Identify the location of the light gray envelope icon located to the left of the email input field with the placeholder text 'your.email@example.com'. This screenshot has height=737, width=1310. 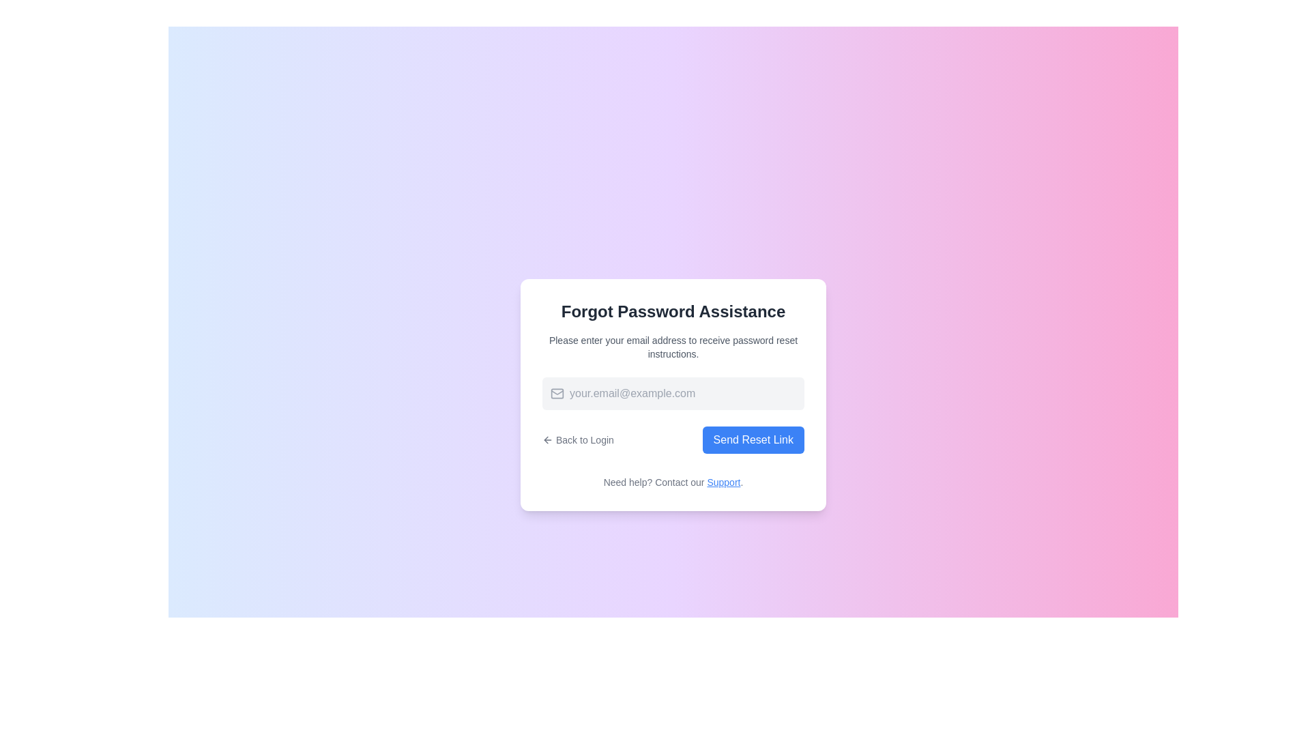
(557, 394).